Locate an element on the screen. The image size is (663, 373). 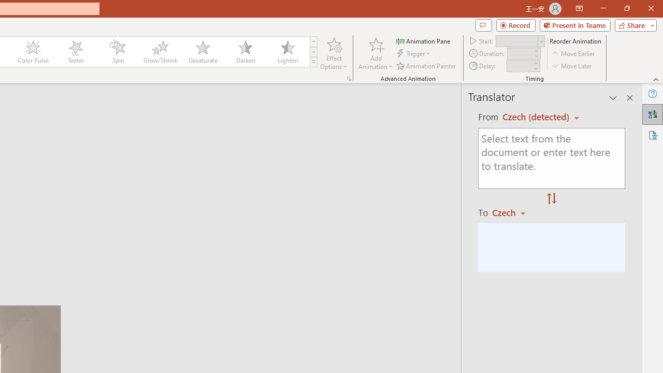
'Effect Options' is located at coordinates (334, 53).